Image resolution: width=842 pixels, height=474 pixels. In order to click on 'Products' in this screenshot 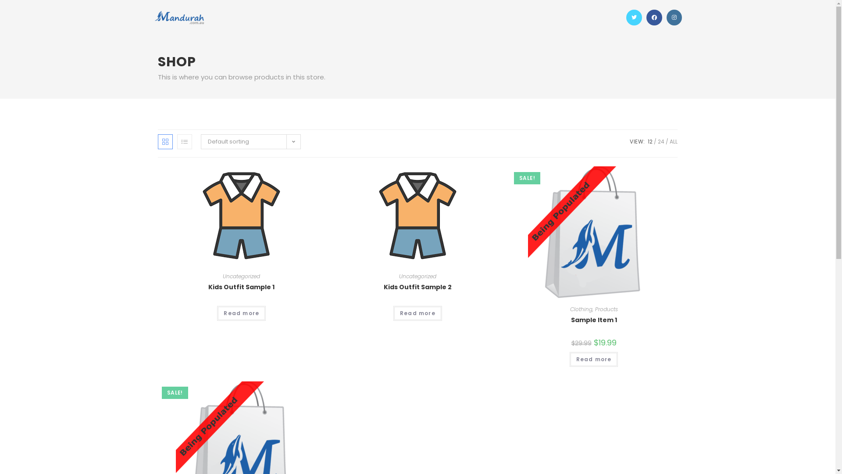, I will do `click(606, 309)`.